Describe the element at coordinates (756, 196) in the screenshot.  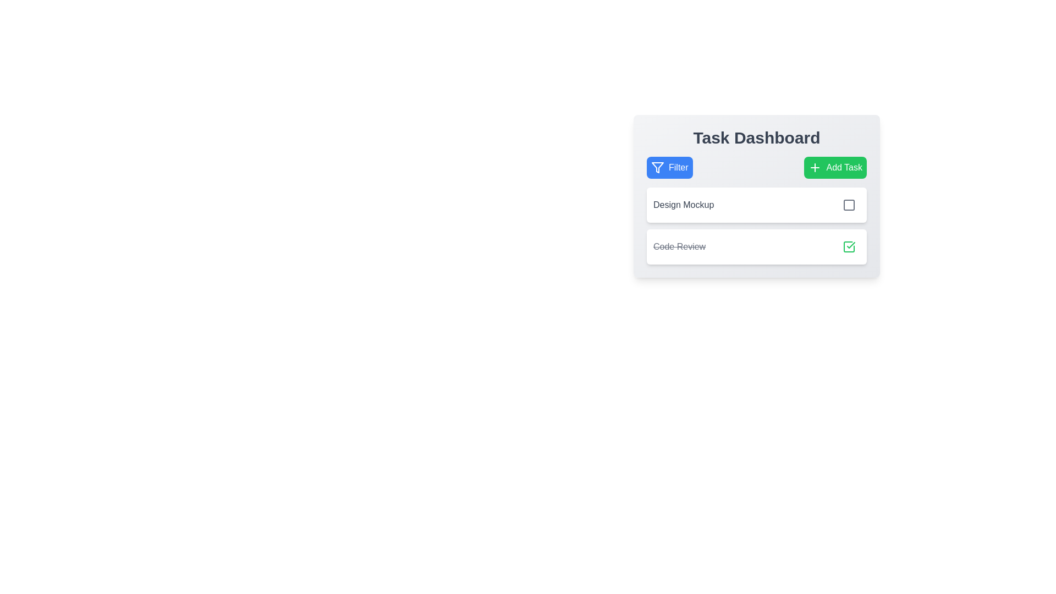
I see `the checkbox on the task entry labeled 'Design Mockup' to mark the task as complete` at that location.